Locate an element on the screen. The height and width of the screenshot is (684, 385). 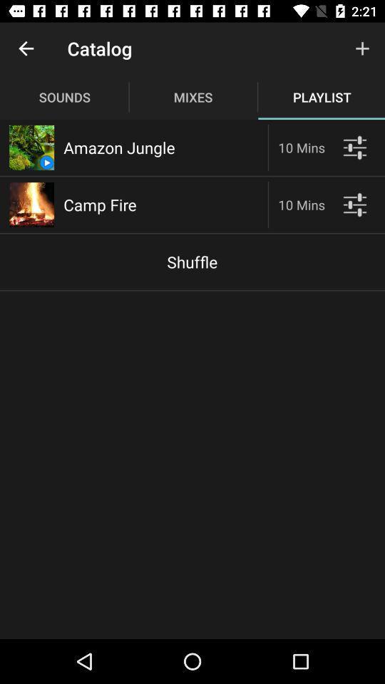
adjust settings is located at coordinates (354, 204).